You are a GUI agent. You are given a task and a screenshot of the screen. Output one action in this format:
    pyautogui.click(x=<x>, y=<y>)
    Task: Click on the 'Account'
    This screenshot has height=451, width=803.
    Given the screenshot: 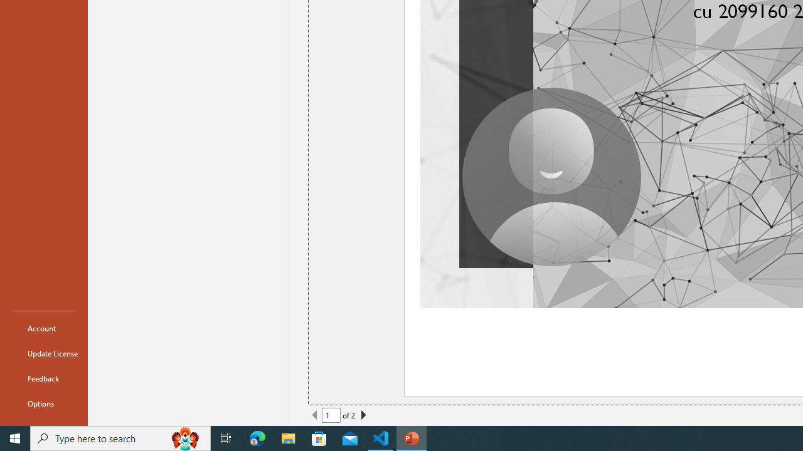 What is the action you would take?
    pyautogui.click(x=43, y=328)
    